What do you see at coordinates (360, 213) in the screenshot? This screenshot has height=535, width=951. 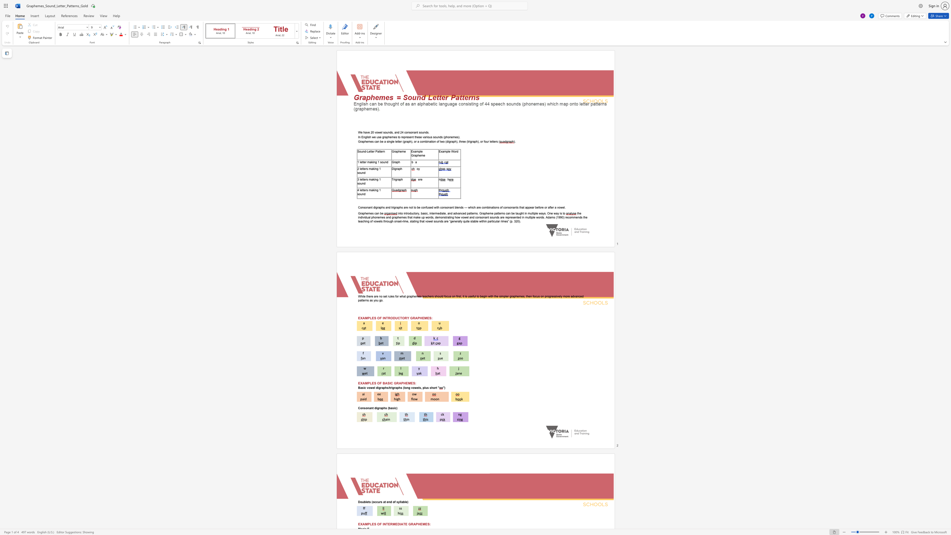 I see `the subset text "raphemes can b" within the text "Graphemes can be"` at bounding box center [360, 213].